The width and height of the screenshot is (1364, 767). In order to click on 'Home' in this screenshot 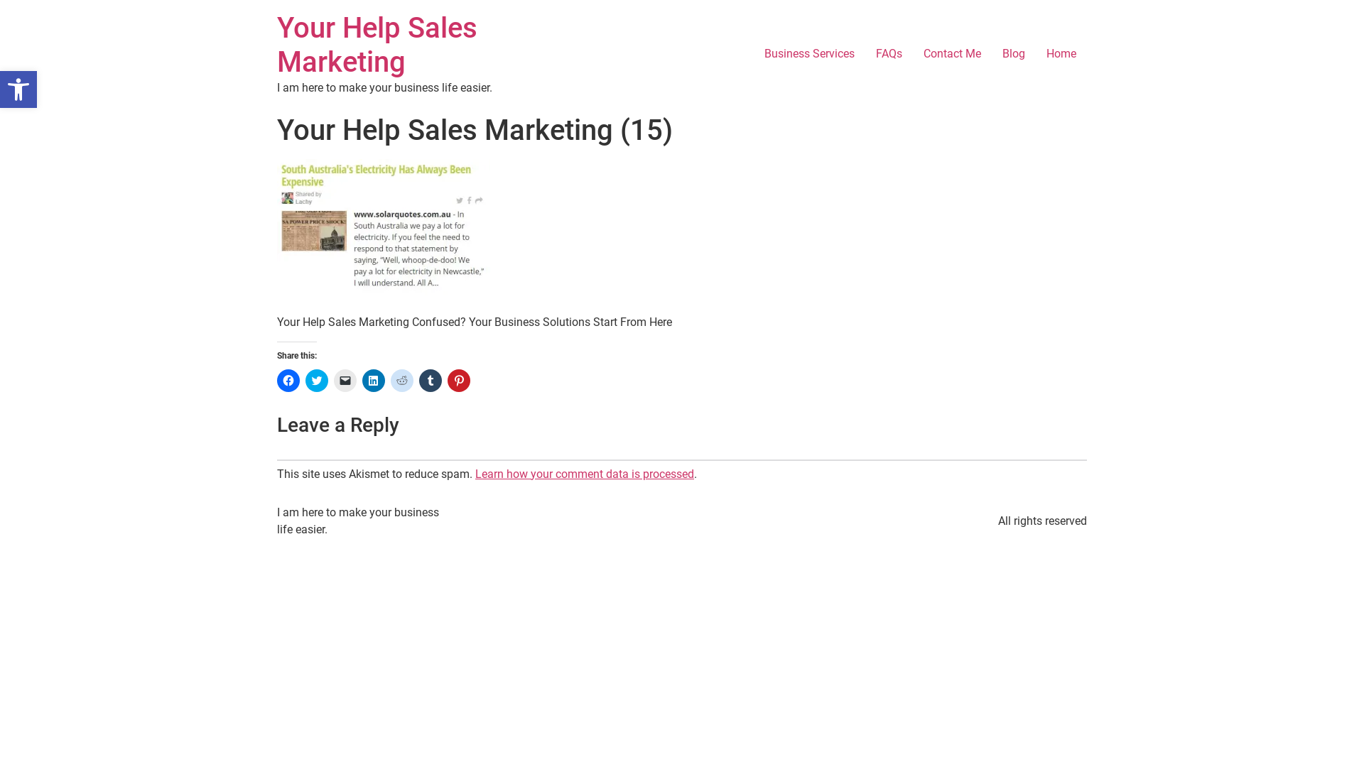, I will do `click(1061, 53)`.